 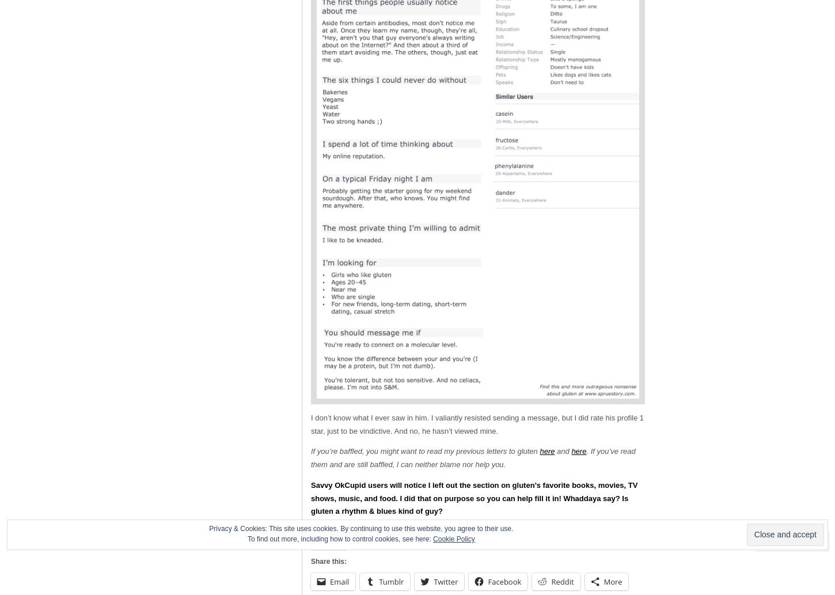 I want to click on '. If you’ve read them and are still baffled, I can neither blame nor help you.', so click(x=473, y=457).